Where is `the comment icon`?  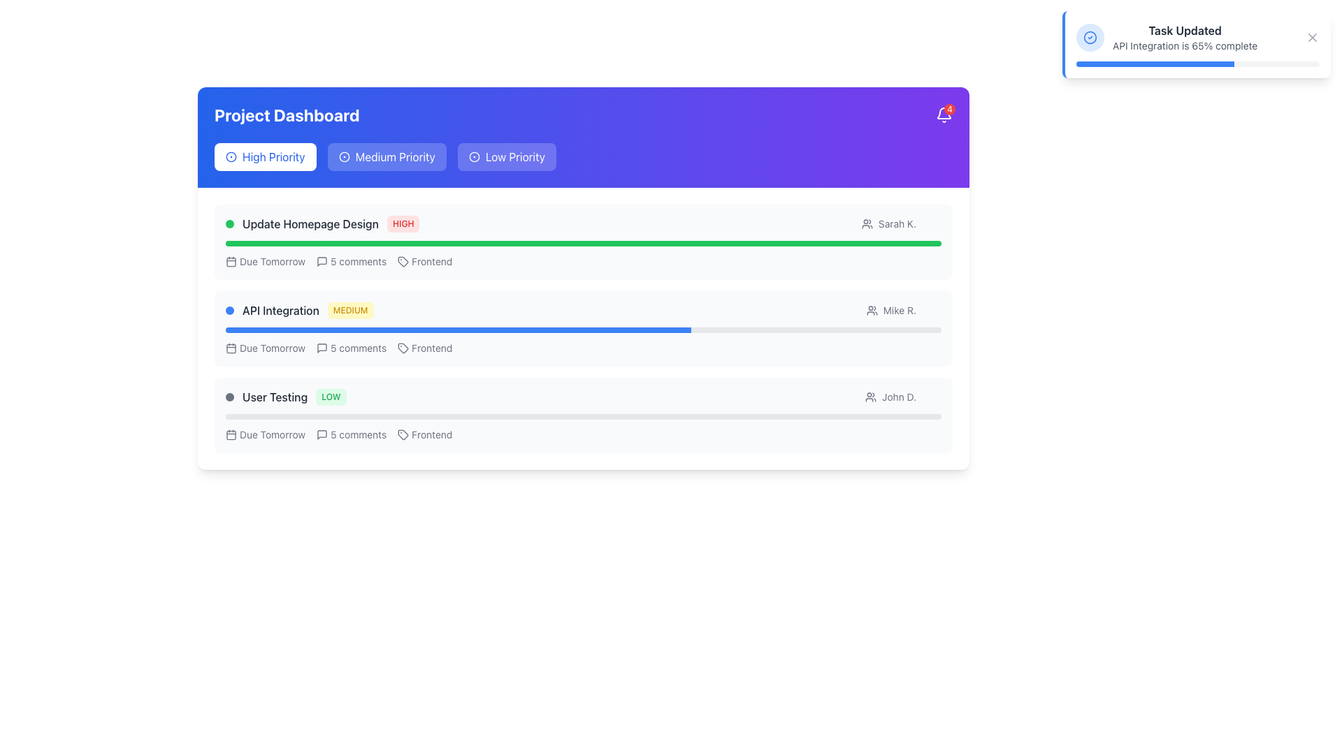 the comment icon is located at coordinates (322, 347).